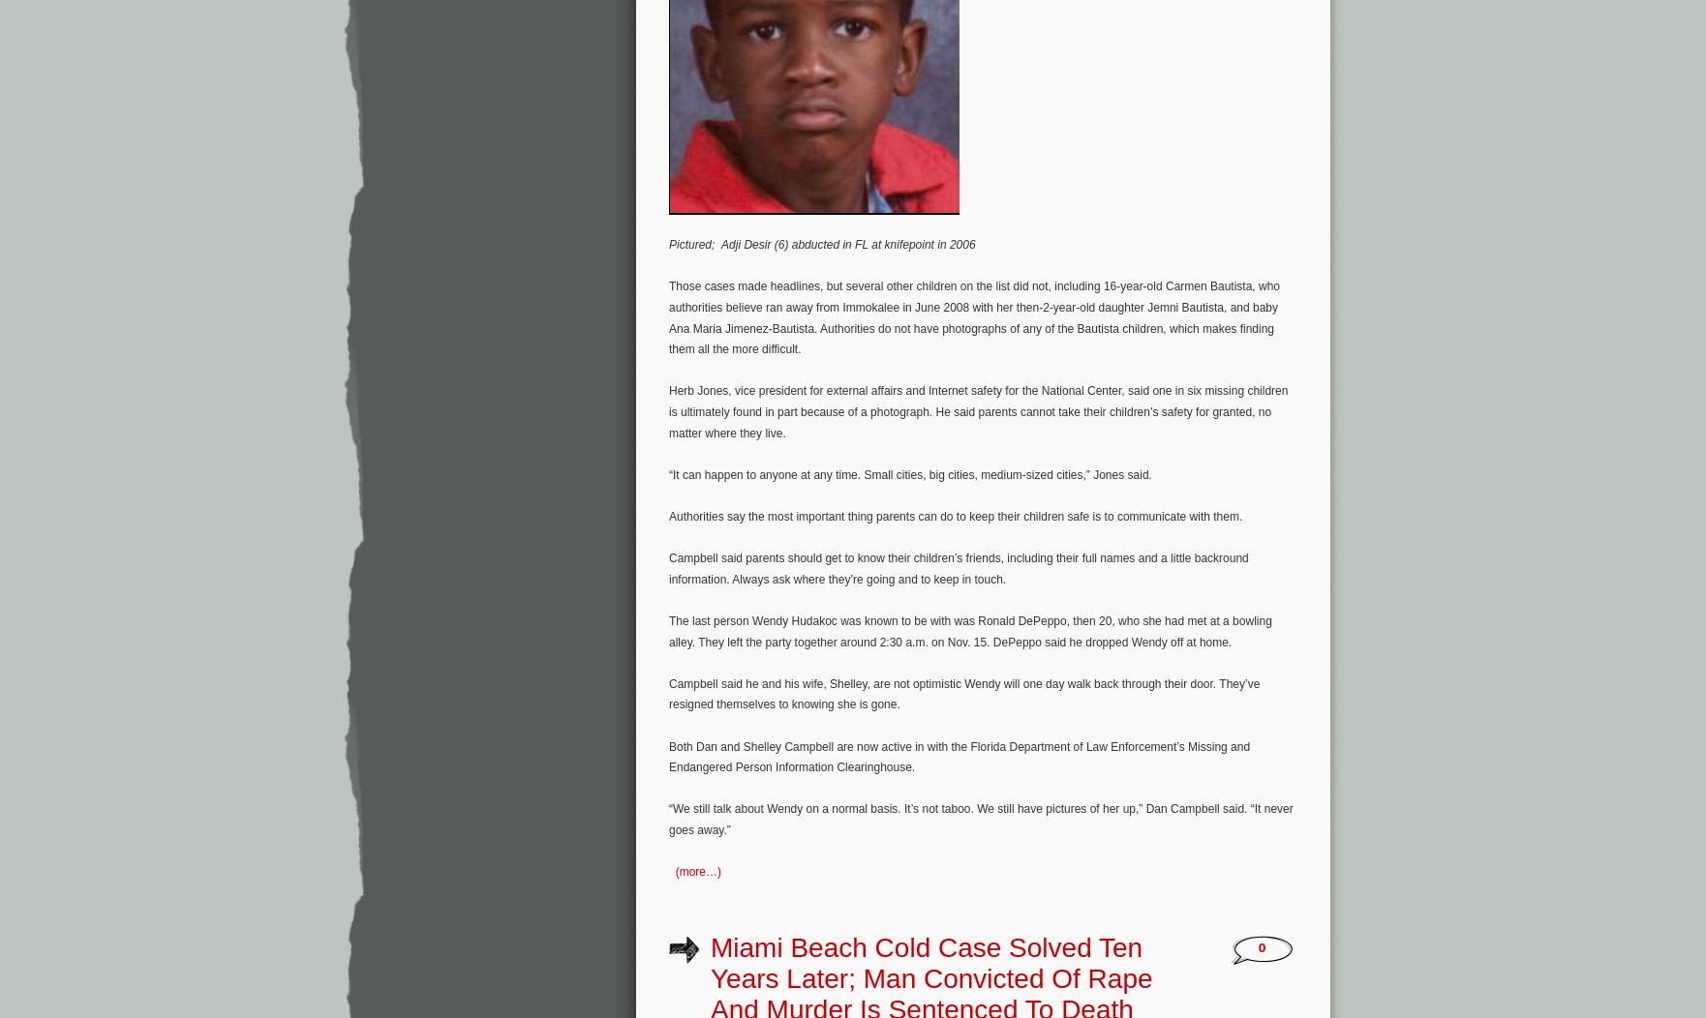 The height and width of the screenshot is (1018, 1706). What do you see at coordinates (959, 567) in the screenshot?
I see `'Campbell said parents should get to know their children’s friends, including their full names and a little backround information. Always ask where they’re going and to keep in touch.'` at bounding box center [959, 567].